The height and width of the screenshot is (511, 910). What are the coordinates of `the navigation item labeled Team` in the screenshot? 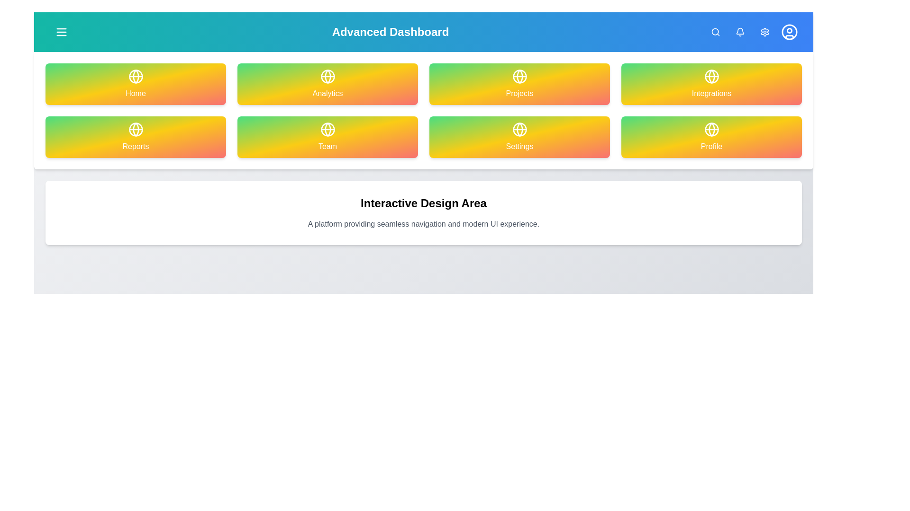 It's located at (328, 137).